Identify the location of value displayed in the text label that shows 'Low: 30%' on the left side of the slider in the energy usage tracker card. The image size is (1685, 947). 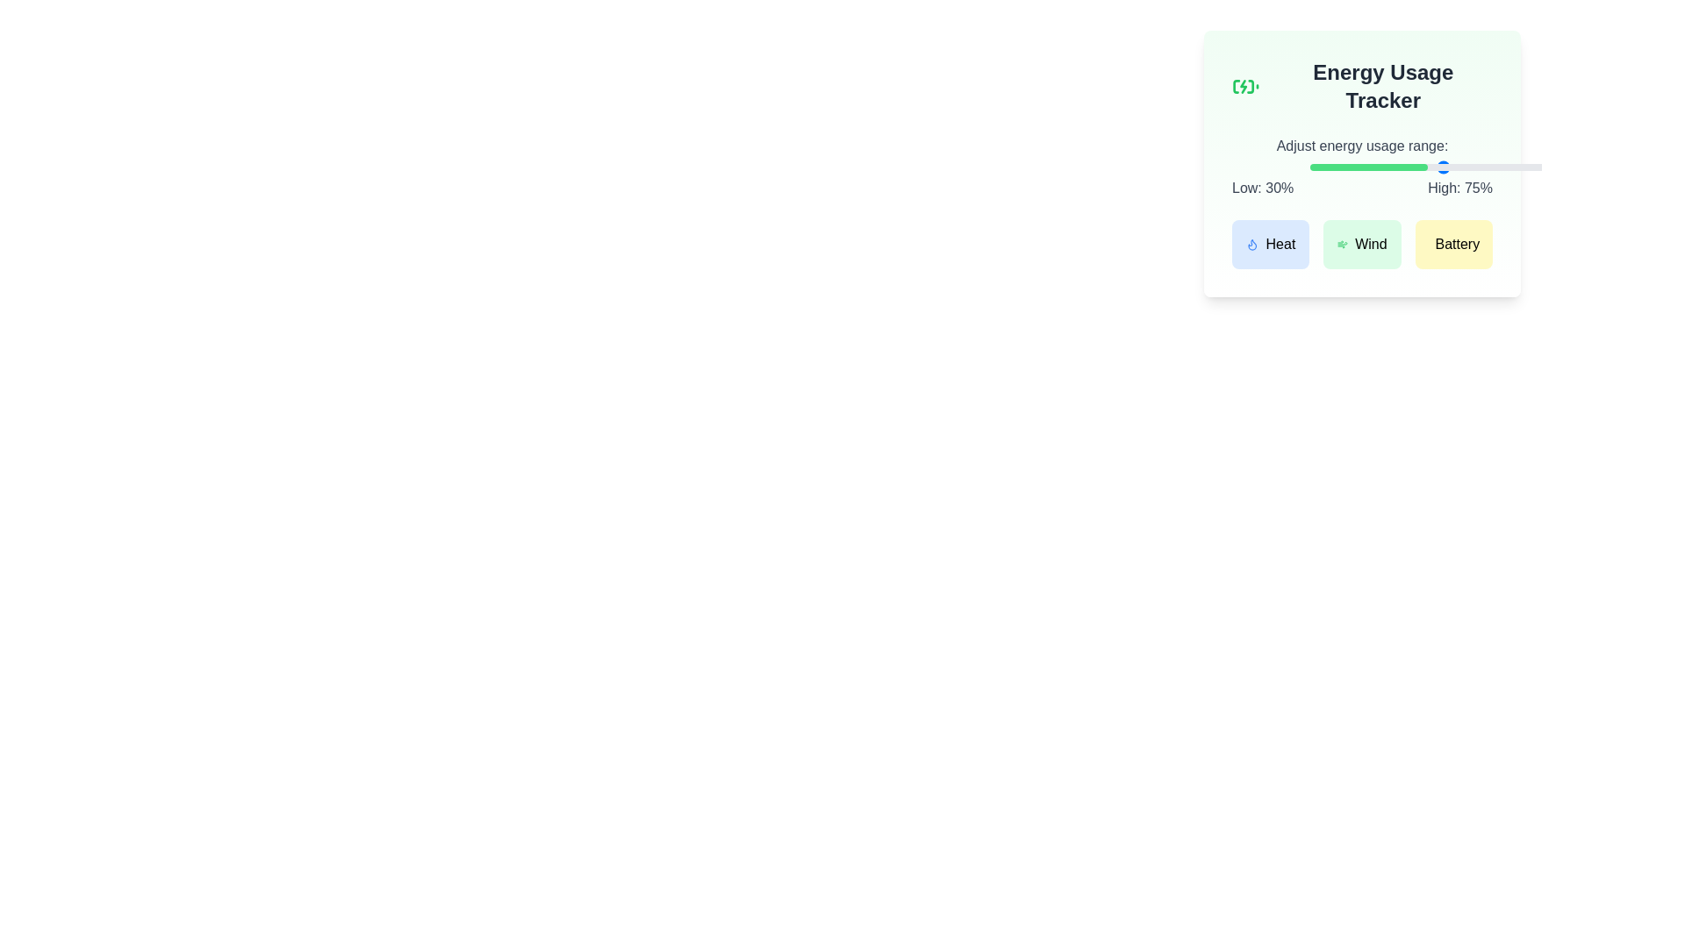
(1262, 189).